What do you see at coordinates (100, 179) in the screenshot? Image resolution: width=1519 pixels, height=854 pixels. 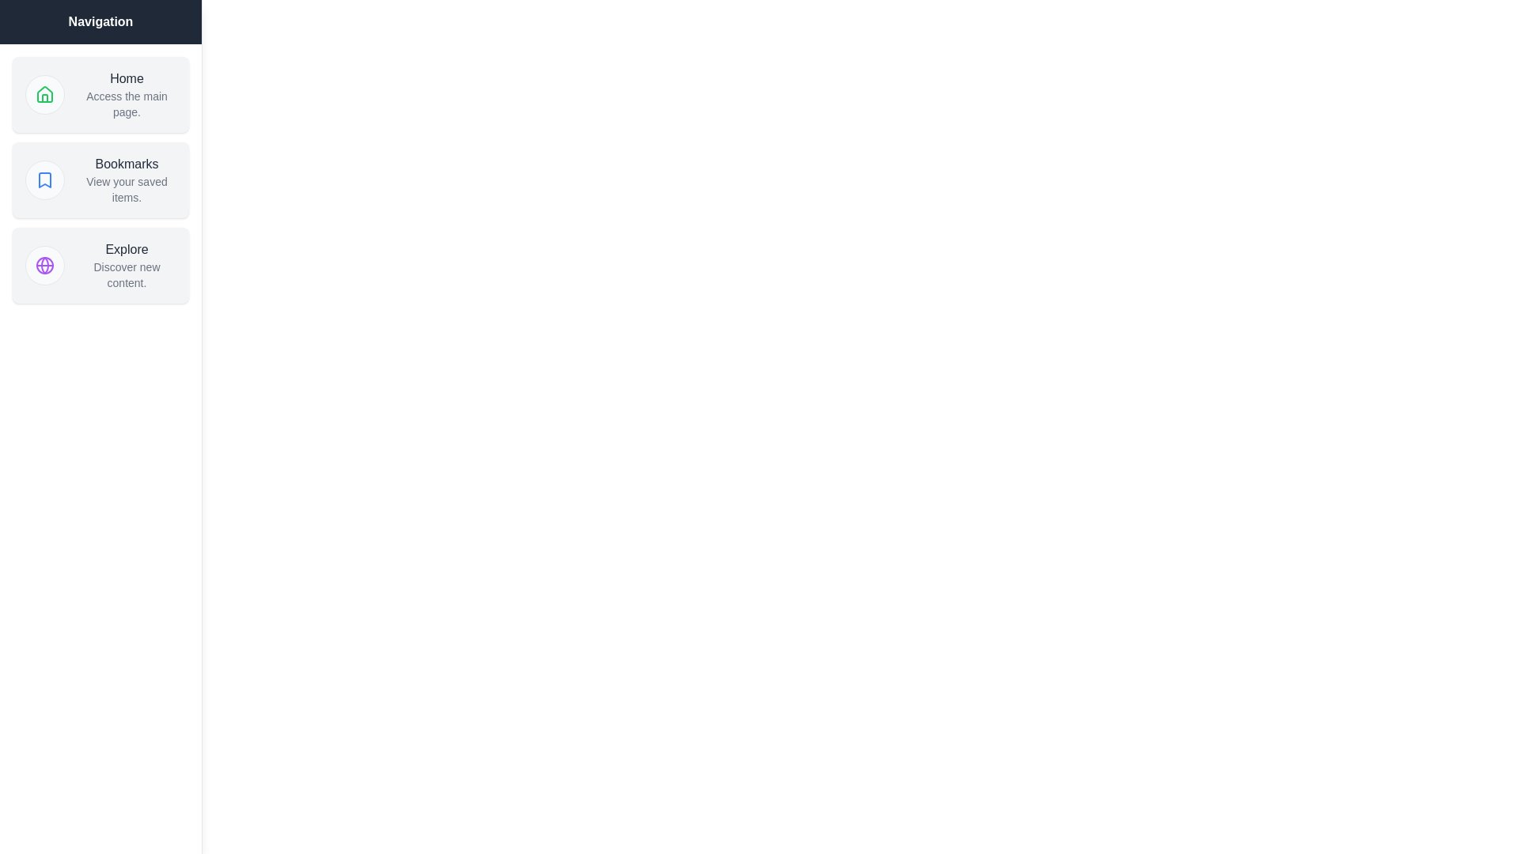 I see `the 'Bookmarks' menu item` at bounding box center [100, 179].